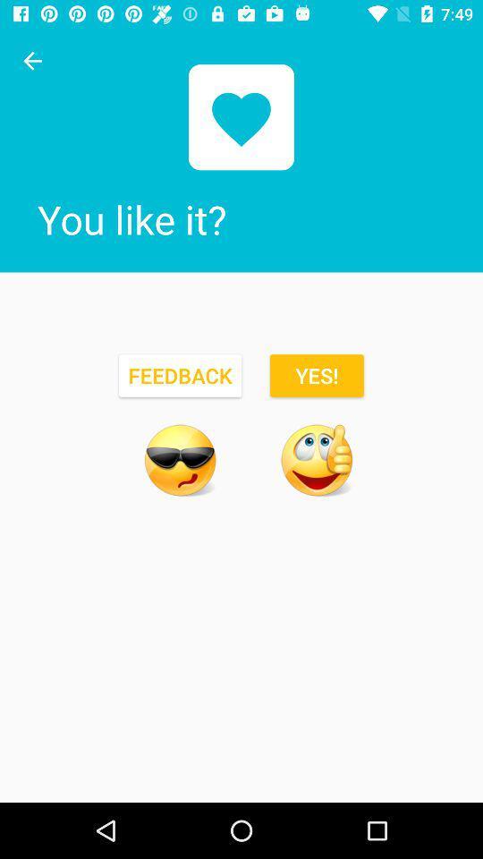  Describe the element at coordinates (316, 459) in the screenshot. I see `the emoji icon` at that location.